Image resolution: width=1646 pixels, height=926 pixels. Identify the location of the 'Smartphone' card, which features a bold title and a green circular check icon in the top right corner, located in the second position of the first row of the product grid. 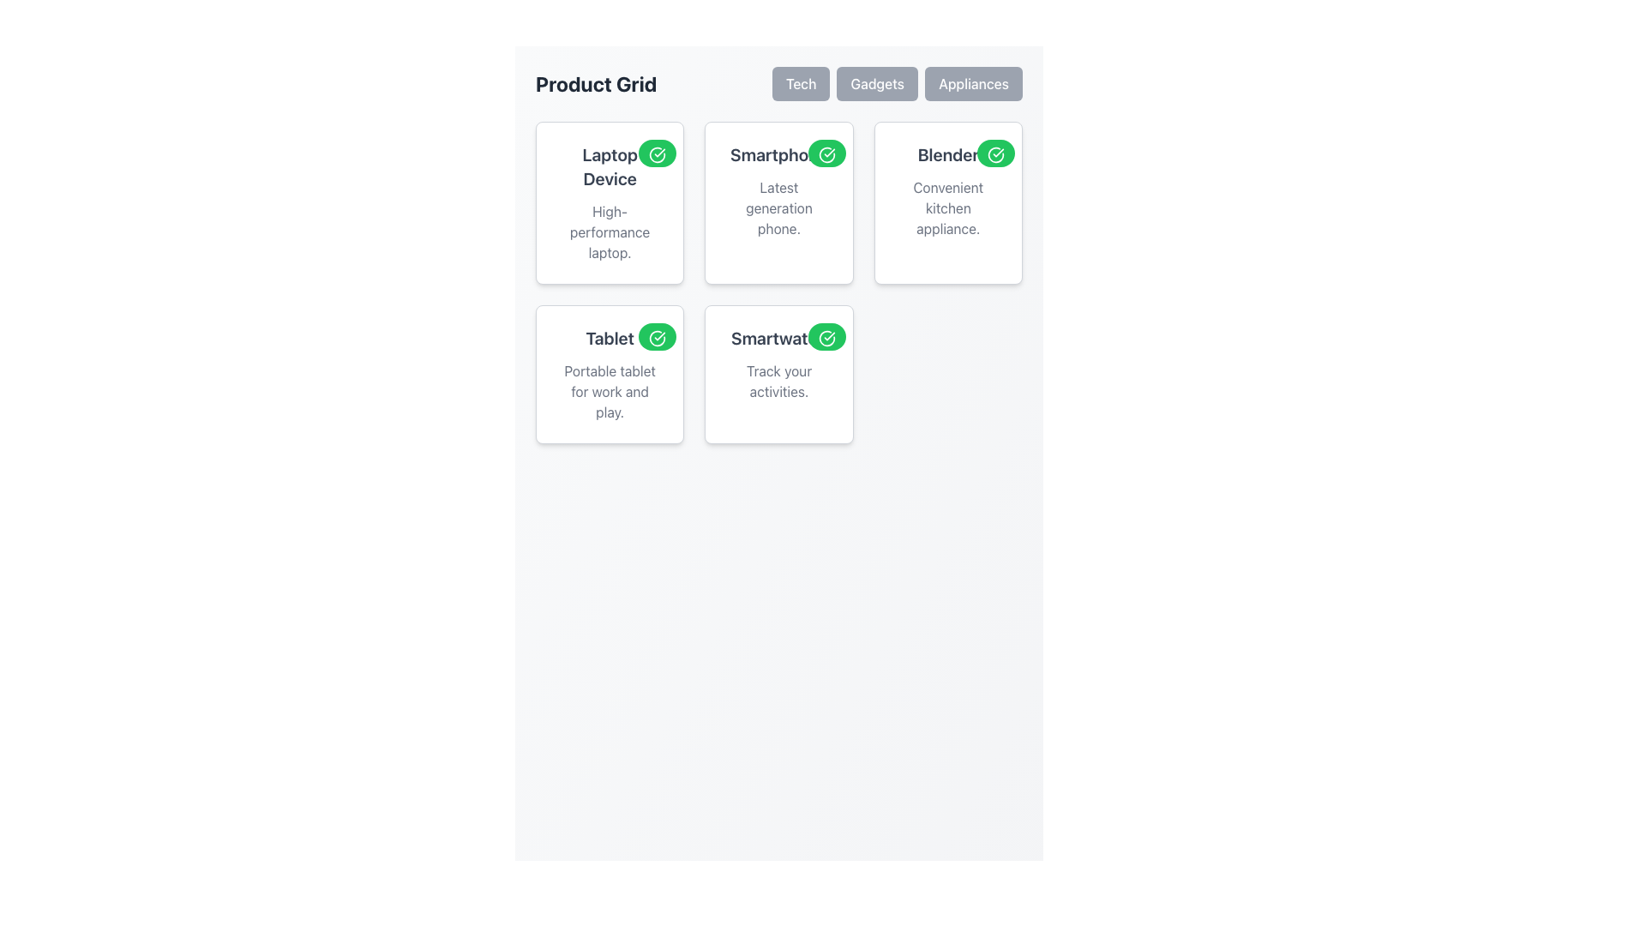
(778, 282).